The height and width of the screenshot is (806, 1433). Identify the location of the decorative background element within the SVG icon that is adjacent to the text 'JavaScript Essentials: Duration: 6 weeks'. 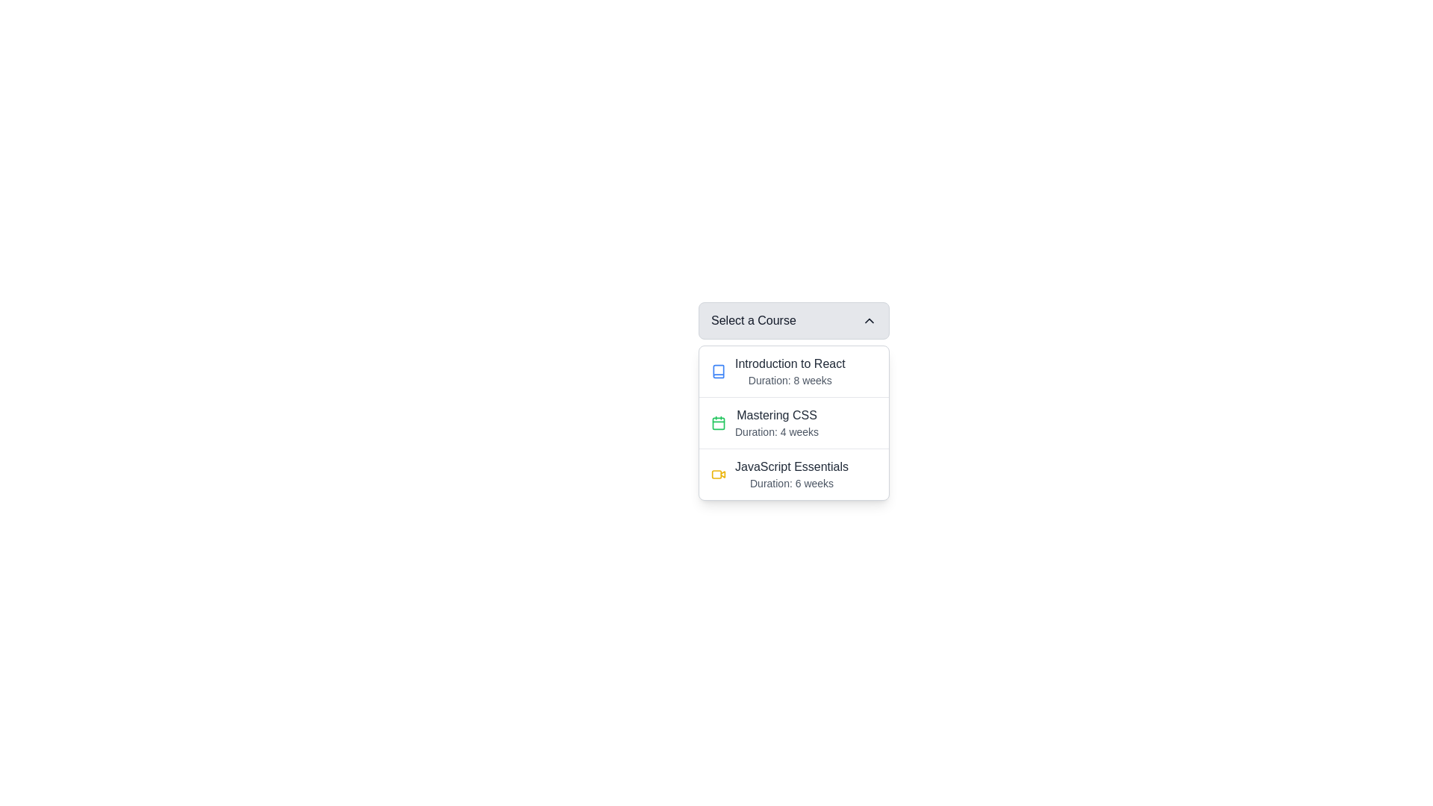
(716, 475).